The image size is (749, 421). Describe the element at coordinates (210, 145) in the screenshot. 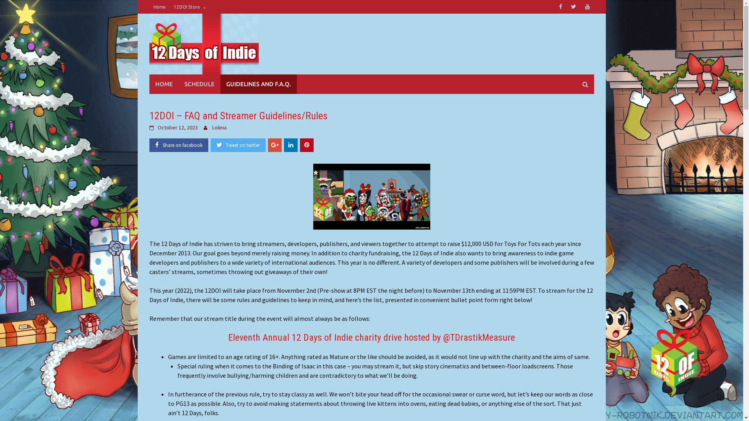

I see `'Tweet on twitter'` at that location.